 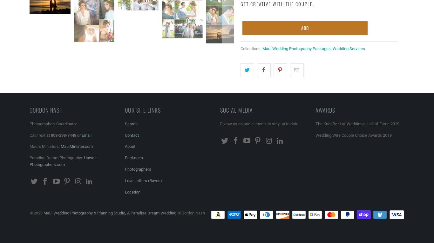 What do you see at coordinates (131, 135) in the screenshot?
I see `'Contact'` at bounding box center [131, 135].